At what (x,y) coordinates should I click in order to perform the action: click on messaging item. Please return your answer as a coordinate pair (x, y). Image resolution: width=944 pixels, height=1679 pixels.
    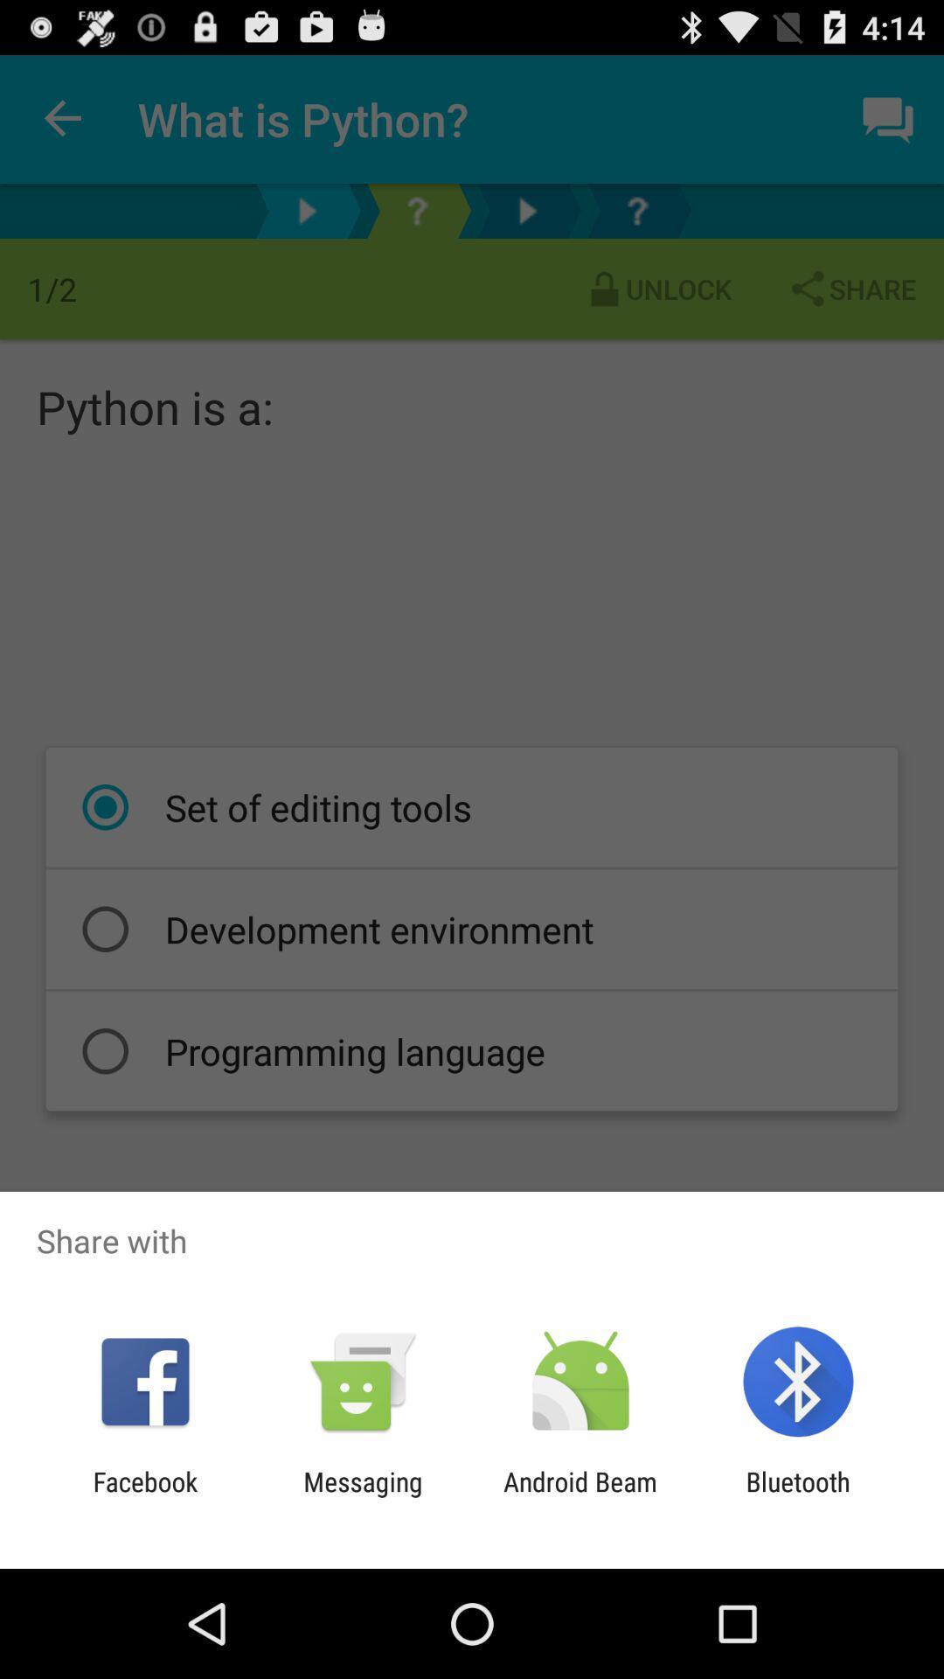
    Looking at the image, I should click on (362, 1496).